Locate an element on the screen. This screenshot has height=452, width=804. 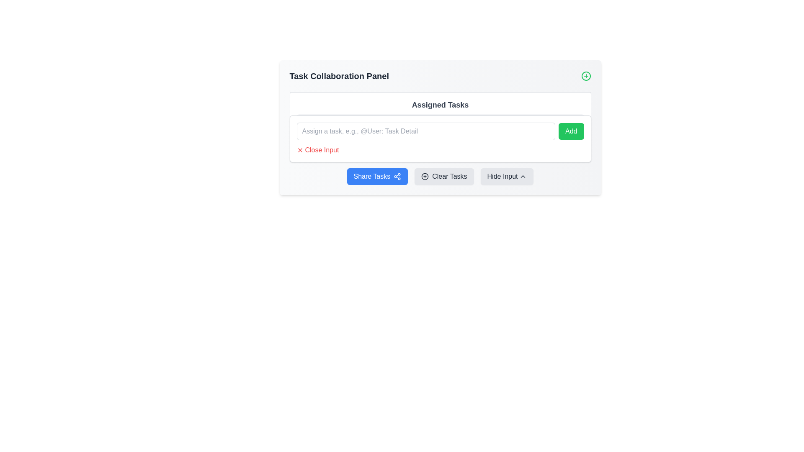
the group of buttons at the bottom of the assigned tasks section is located at coordinates (440, 176).